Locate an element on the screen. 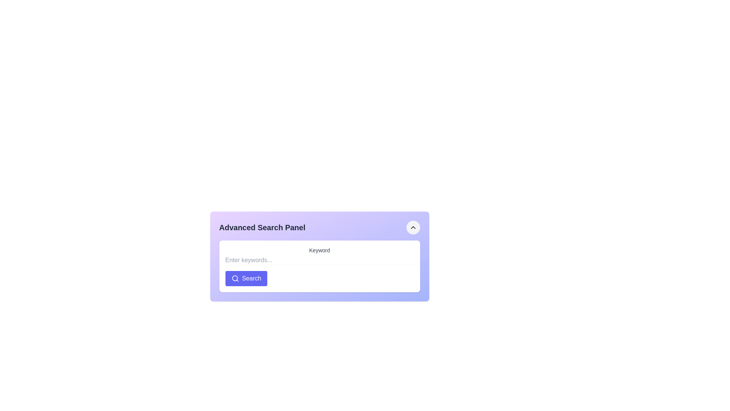  the chevron up icon within the button located at the top-right corner of the Advanced Search Panel is located at coordinates (413, 227).